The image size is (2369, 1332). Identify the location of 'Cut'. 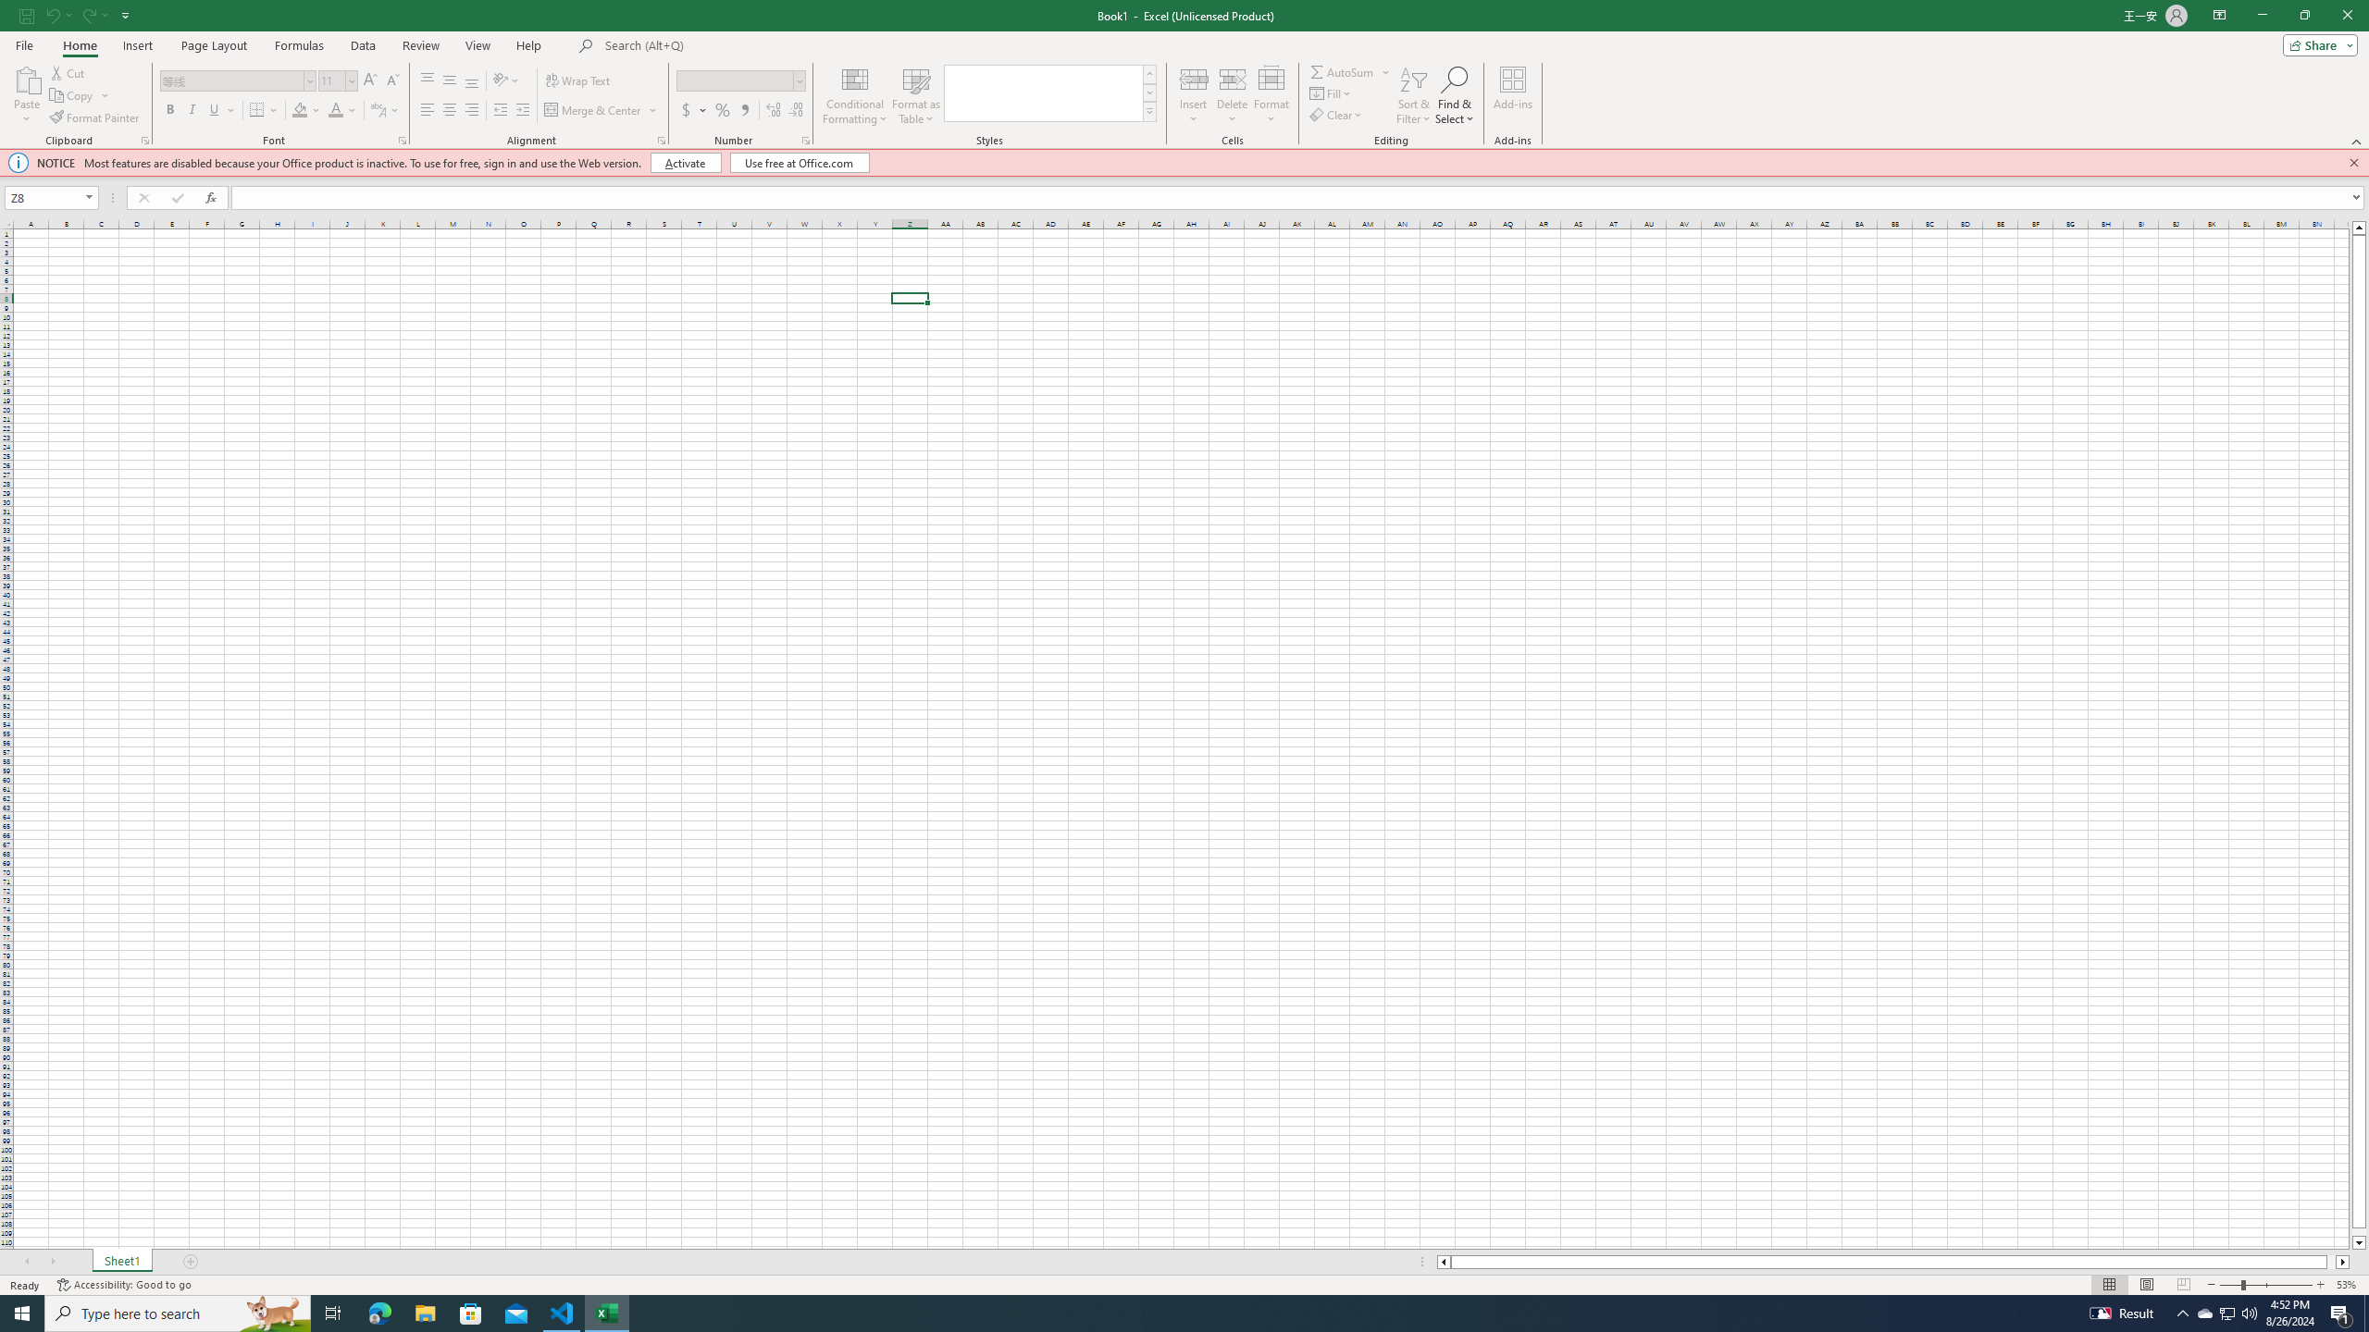
(68, 72).